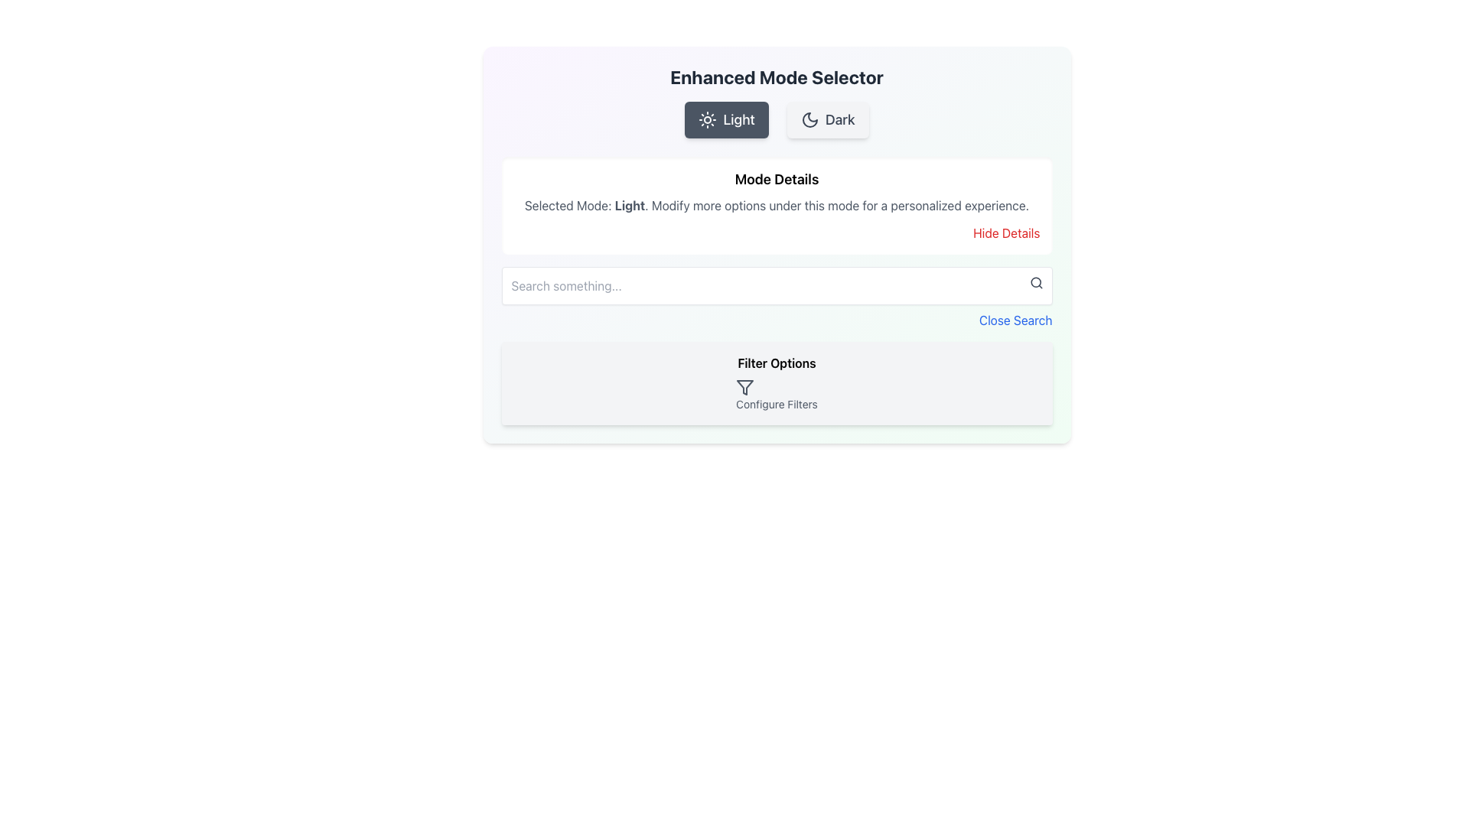 Image resolution: width=1469 pixels, height=826 pixels. What do you see at coordinates (809, 119) in the screenshot?
I see `the crescent moon icon within the SVG graphic that indicates the 'Dark' mode option` at bounding box center [809, 119].